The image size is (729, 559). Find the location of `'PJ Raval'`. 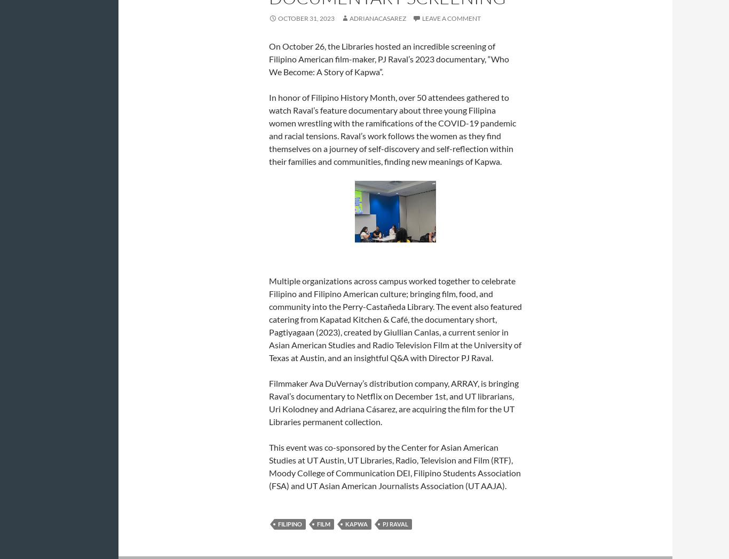

'PJ Raval' is located at coordinates (383, 523).